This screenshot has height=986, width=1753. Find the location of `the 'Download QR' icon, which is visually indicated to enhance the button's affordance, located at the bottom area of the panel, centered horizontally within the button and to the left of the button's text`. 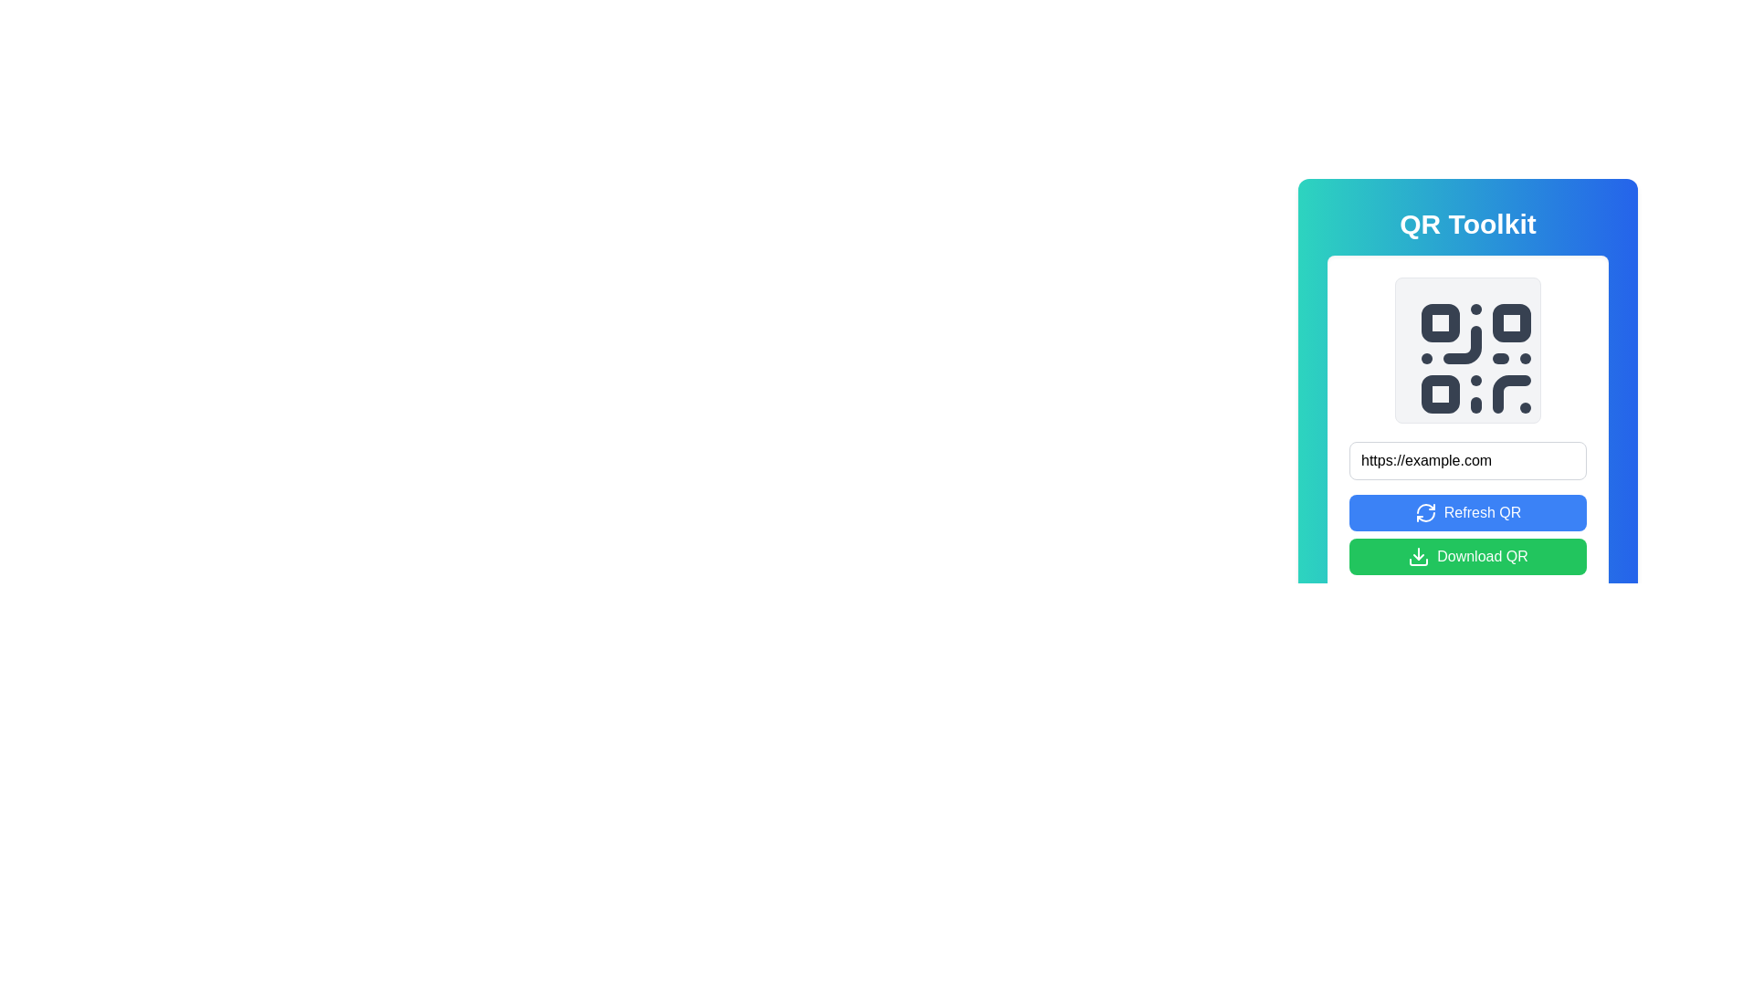

the 'Download QR' icon, which is visually indicated to enhance the button's affordance, located at the bottom area of the panel, centered horizontally within the button and to the left of the button's text is located at coordinates (1418, 555).